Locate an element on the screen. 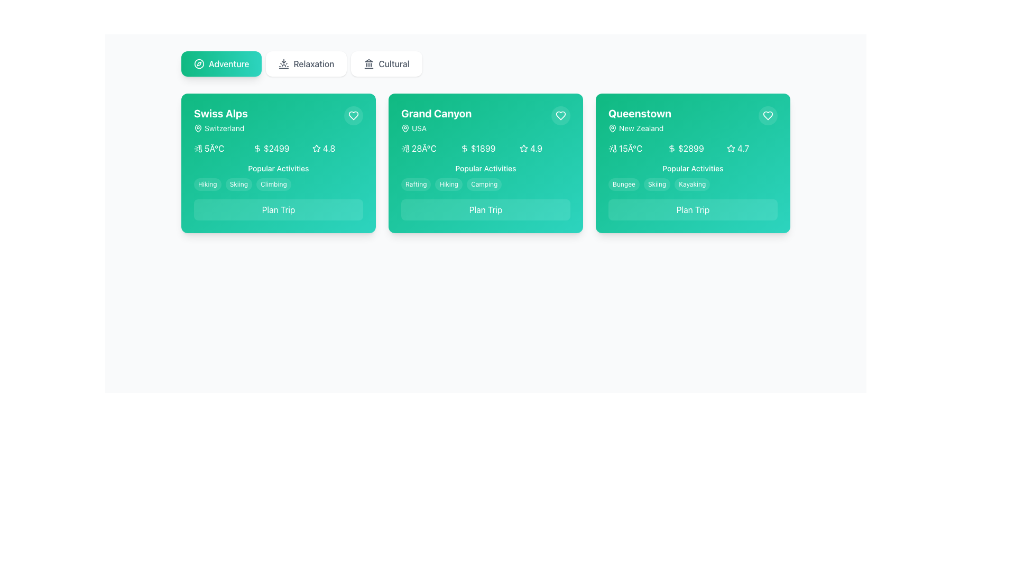 The width and height of the screenshot is (1015, 571). text label titled 'Swiss Alps' with subtitle 'Switzerland' located in the top-left corner of the card with a green background is located at coordinates (220, 119).